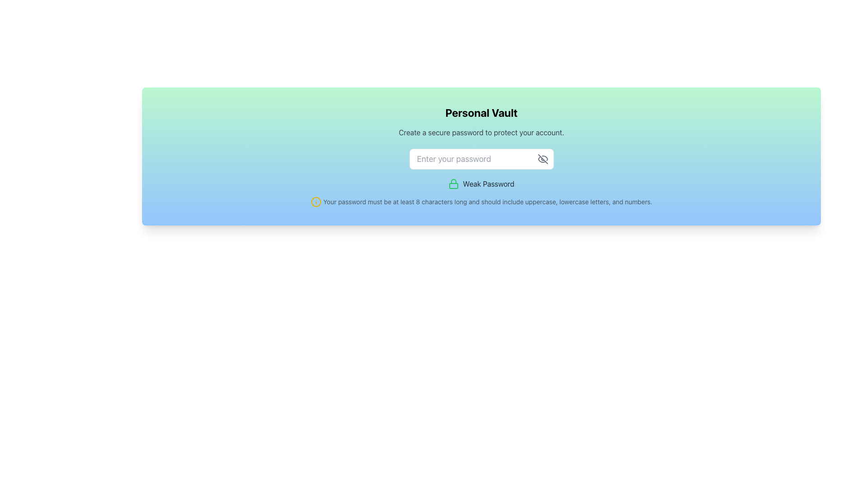 The width and height of the screenshot is (866, 487). I want to click on the top arc of the lock icon, which is a smooth green arc part of an SVG lock icon located next to the 'Weak Password' text, so click(454, 181).